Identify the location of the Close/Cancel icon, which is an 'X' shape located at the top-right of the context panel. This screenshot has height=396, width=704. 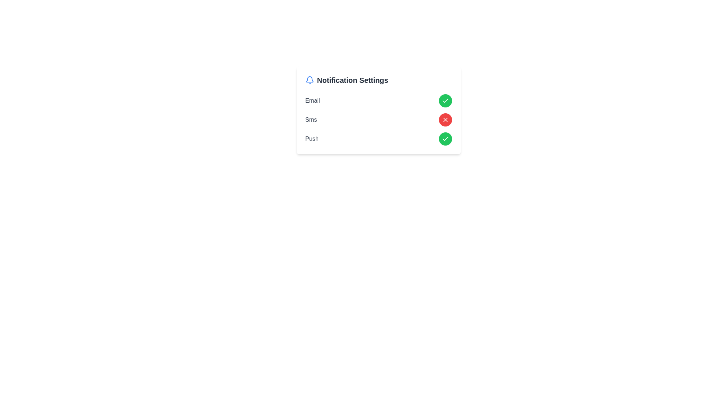
(445, 120).